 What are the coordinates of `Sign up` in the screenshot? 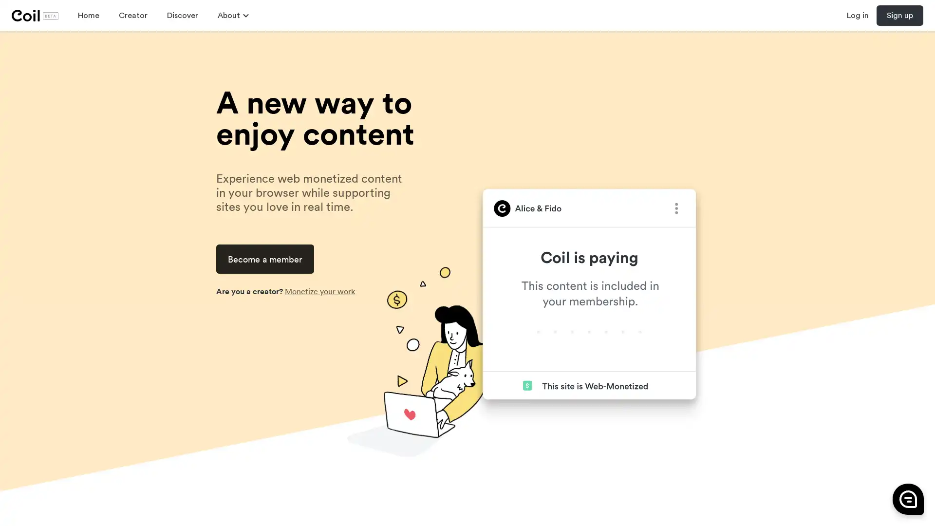 It's located at (899, 15).